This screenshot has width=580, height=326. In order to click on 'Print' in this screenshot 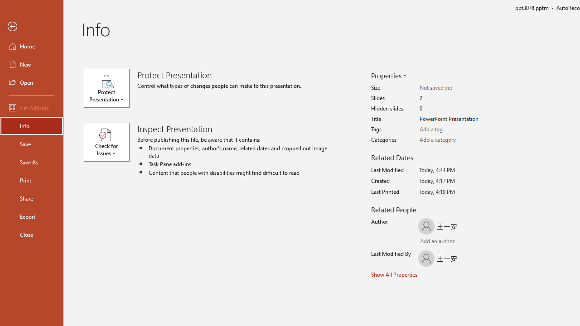, I will do `click(31, 180)`.